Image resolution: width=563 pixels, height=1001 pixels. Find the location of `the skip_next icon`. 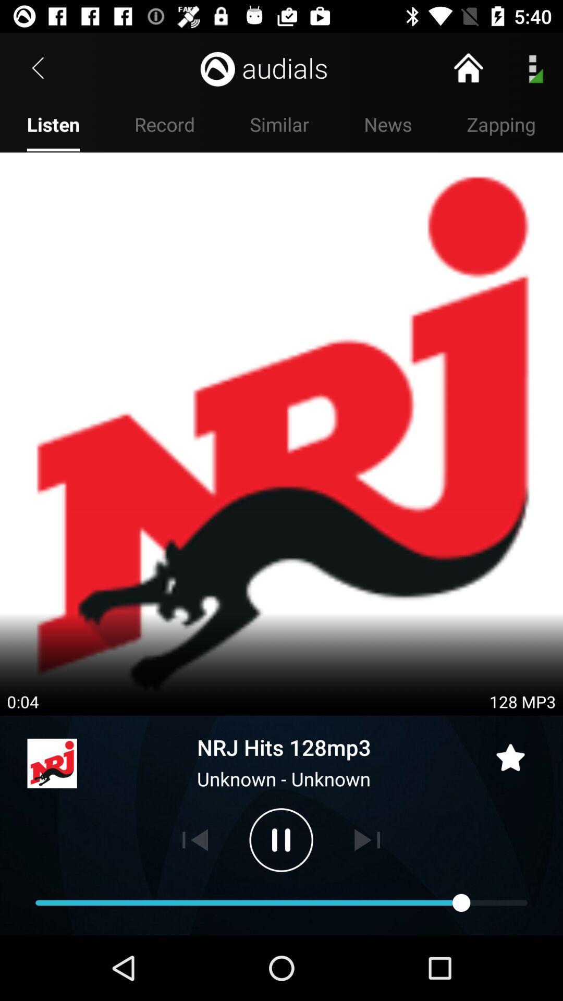

the skip_next icon is located at coordinates (366, 840).